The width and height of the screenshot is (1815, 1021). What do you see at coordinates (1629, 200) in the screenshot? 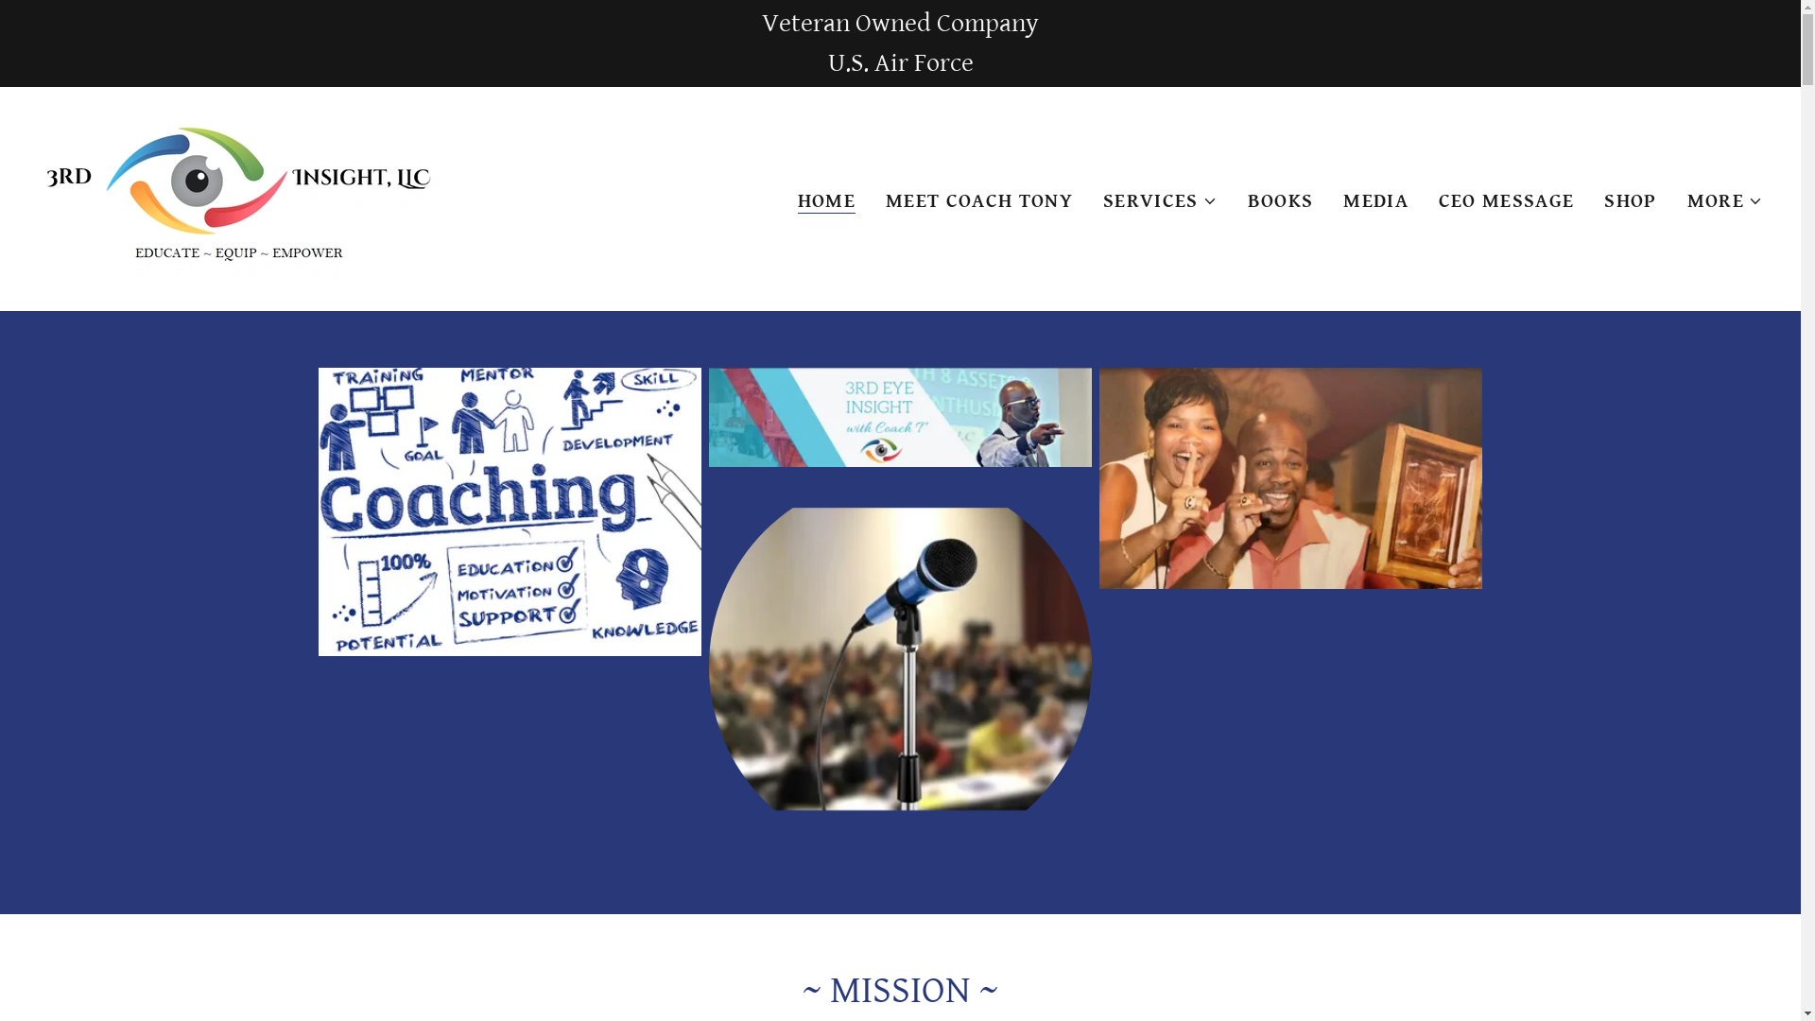
I see `'SHOP'` at bounding box center [1629, 200].